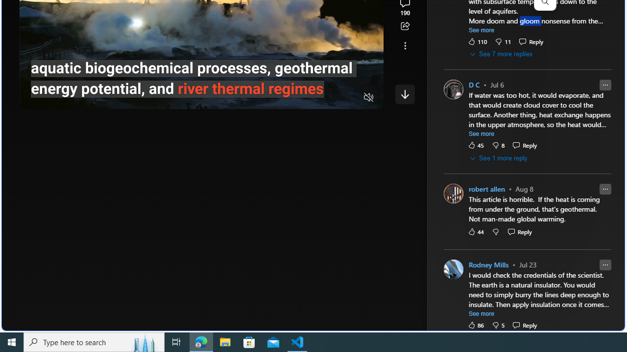 Image resolution: width=627 pixels, height=352 pixels. Describe the element at coordinates (405, 26) in the screenshot. I see `'Share this story'` at that location.